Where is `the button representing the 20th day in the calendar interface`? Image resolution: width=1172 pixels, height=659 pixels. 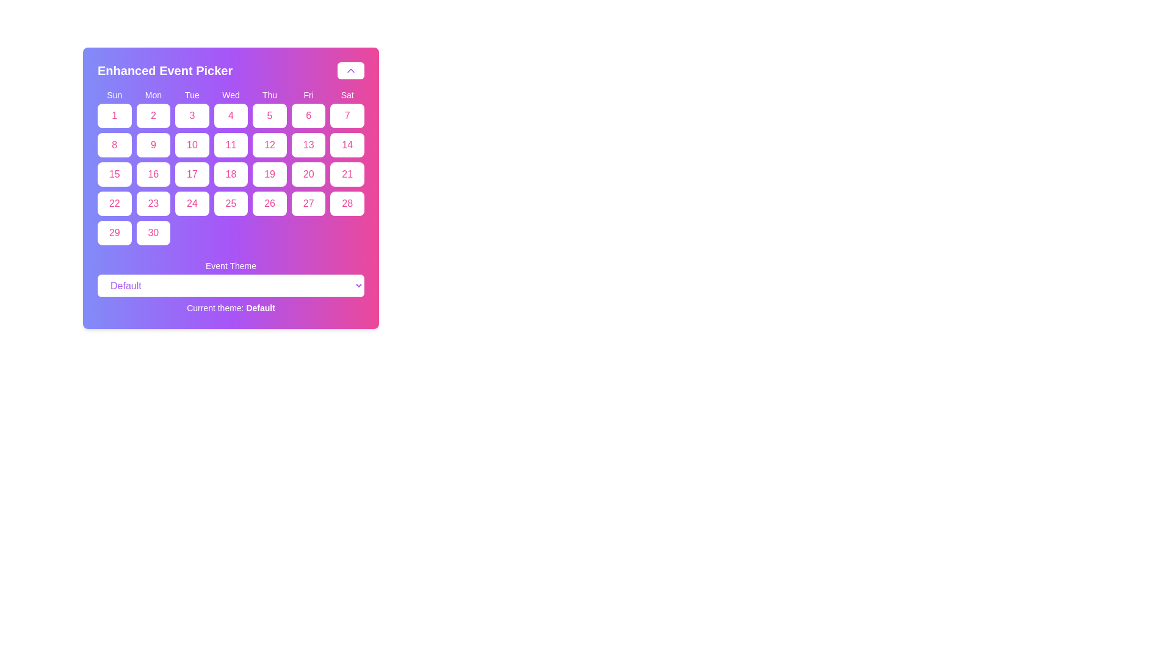 the button representing the 20th day in the calendar interface is located at coordinates (308, 174).